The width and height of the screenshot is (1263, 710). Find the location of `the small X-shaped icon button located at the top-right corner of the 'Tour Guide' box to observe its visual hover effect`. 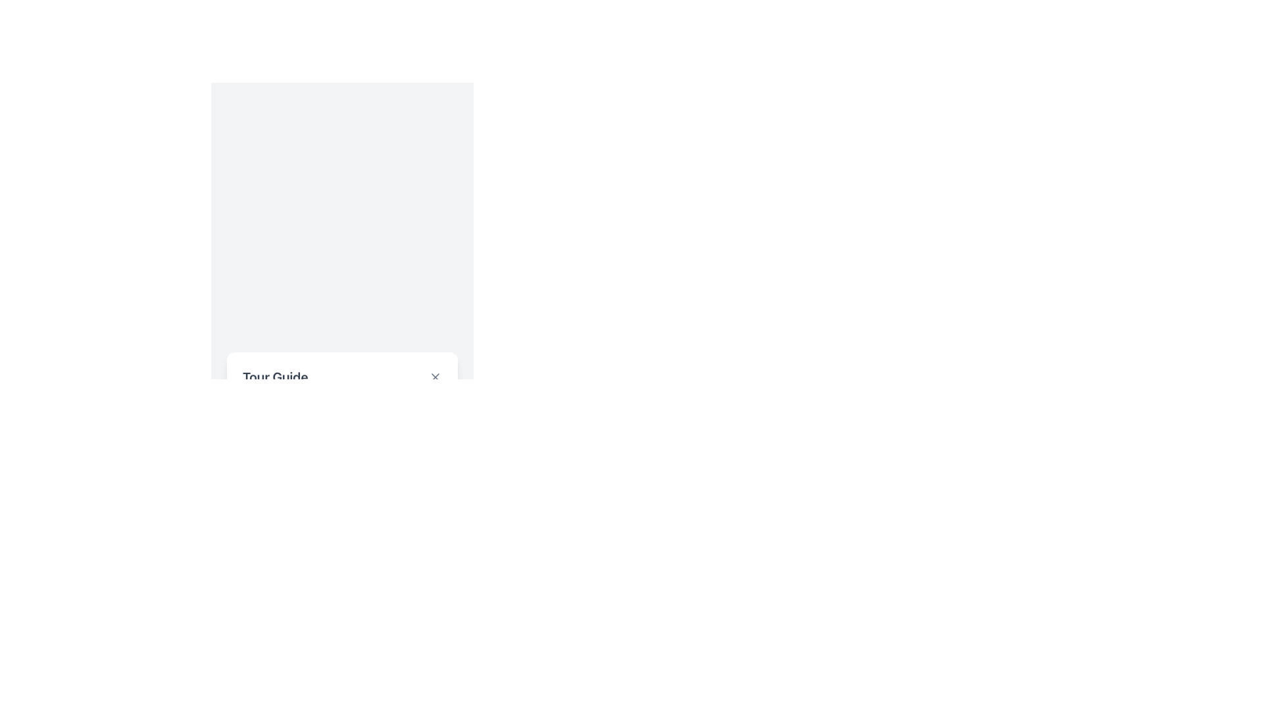

the small X-shaped icon button located at the top-right corner of the 'Tour Guide' box to observe its visual hover effect is located at coordinates (435, 377).